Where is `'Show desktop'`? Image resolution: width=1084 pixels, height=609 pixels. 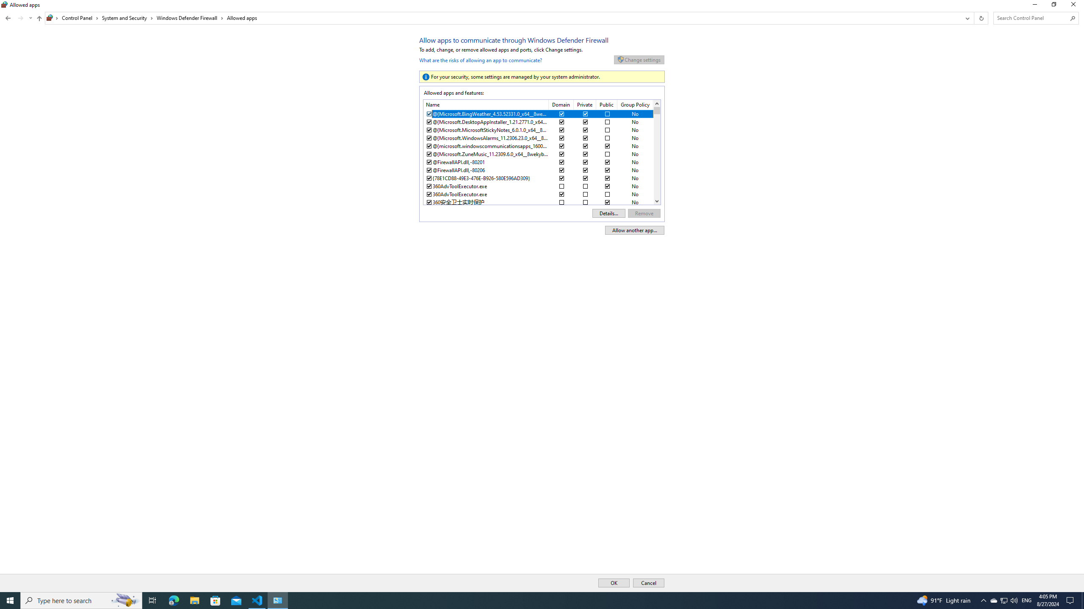
'Show desktop' is located at coordinates (1082, 600).